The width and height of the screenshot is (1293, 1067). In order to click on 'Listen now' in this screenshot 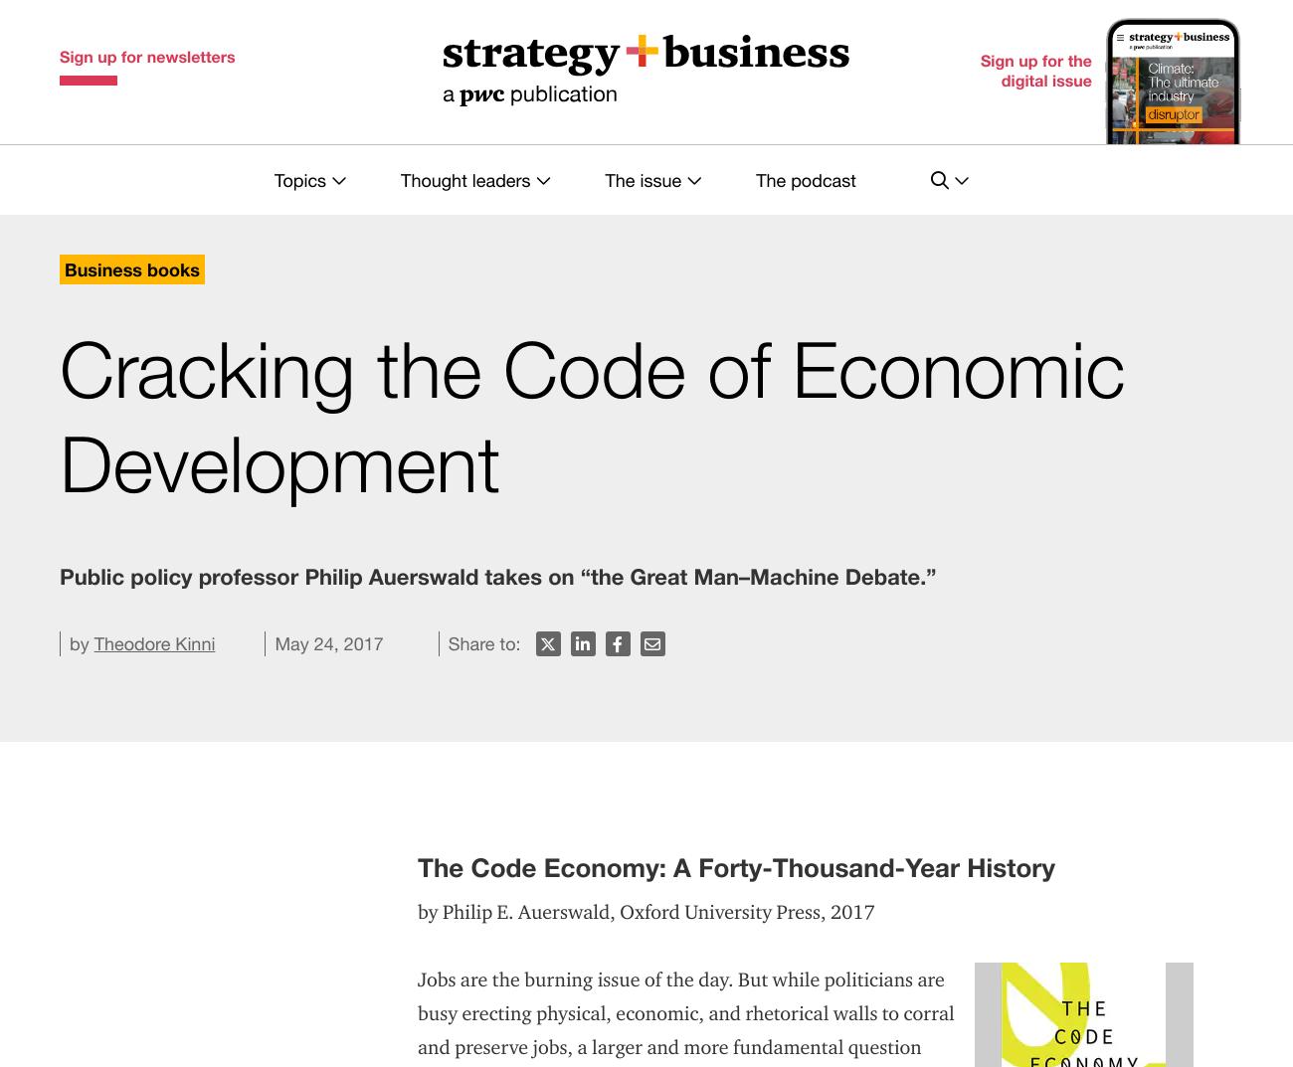, I will do `click(790, 495)`.